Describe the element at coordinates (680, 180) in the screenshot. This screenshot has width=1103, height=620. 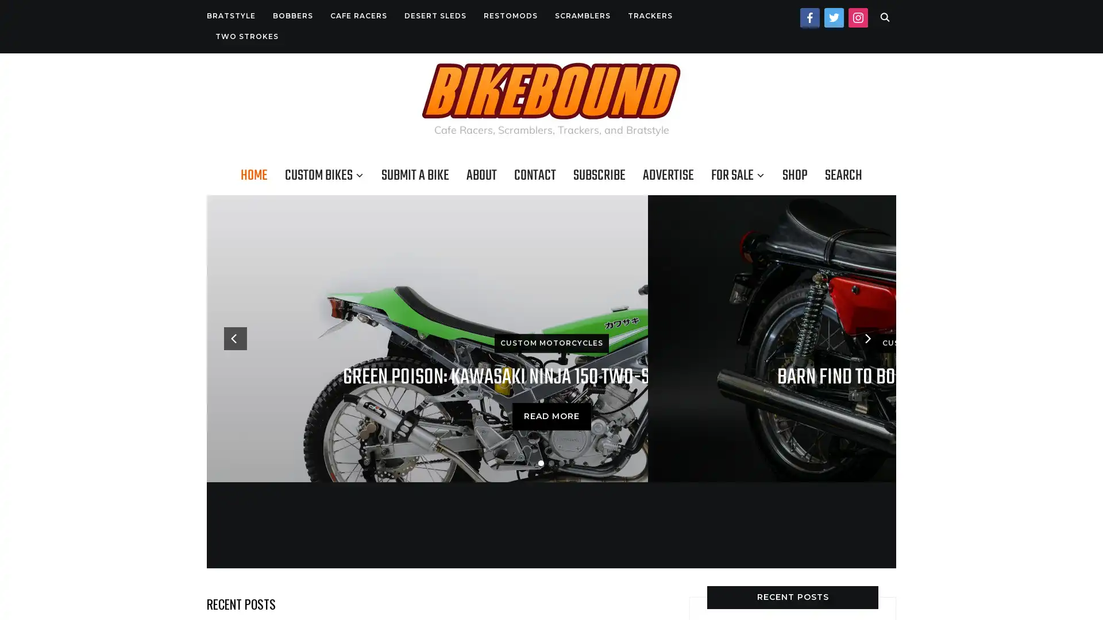
I see `Close` at that location.